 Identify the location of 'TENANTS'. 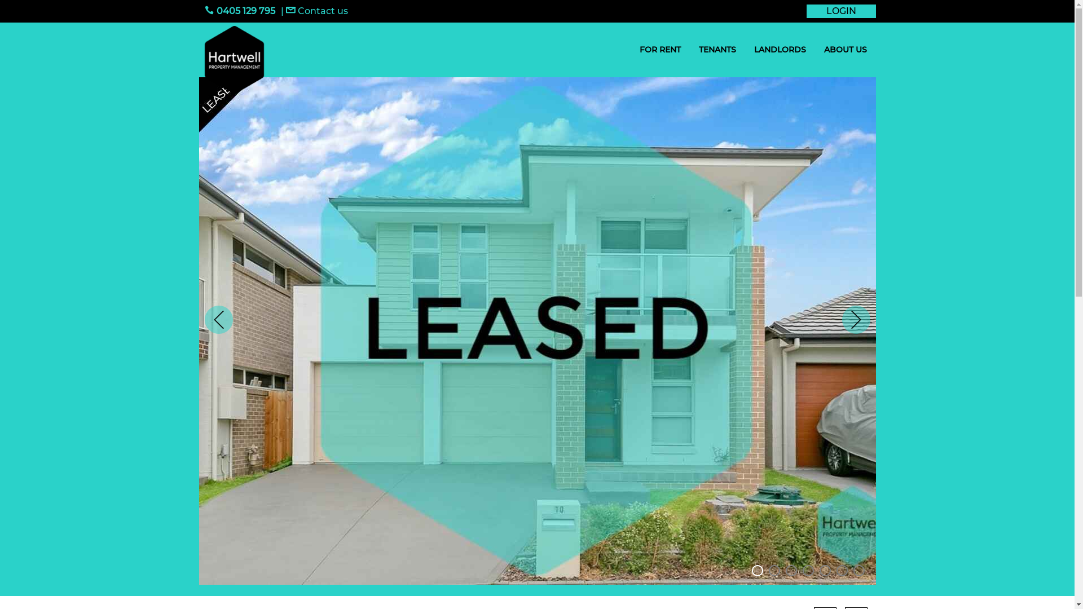
(716, 49).